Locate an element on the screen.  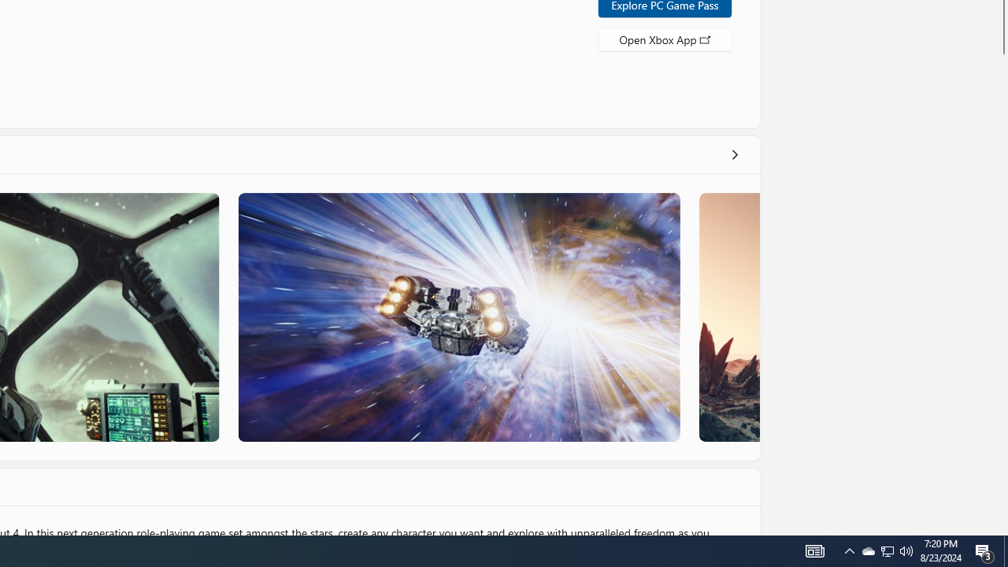
'Open Xbox App' is located at coordinates (665, 38).